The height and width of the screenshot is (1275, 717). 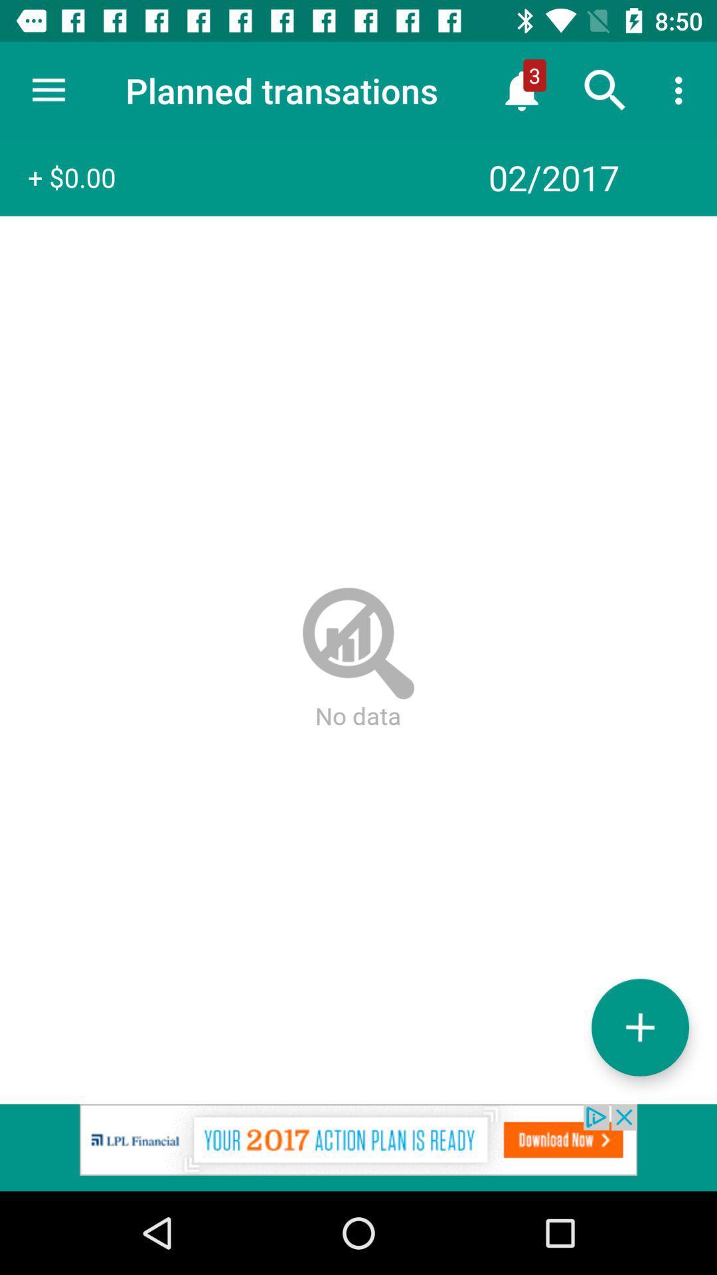 What do you see at coordinates (358, 1147) in the screenshot?
I see `advertisement image` at bounding box center [358, 1147].